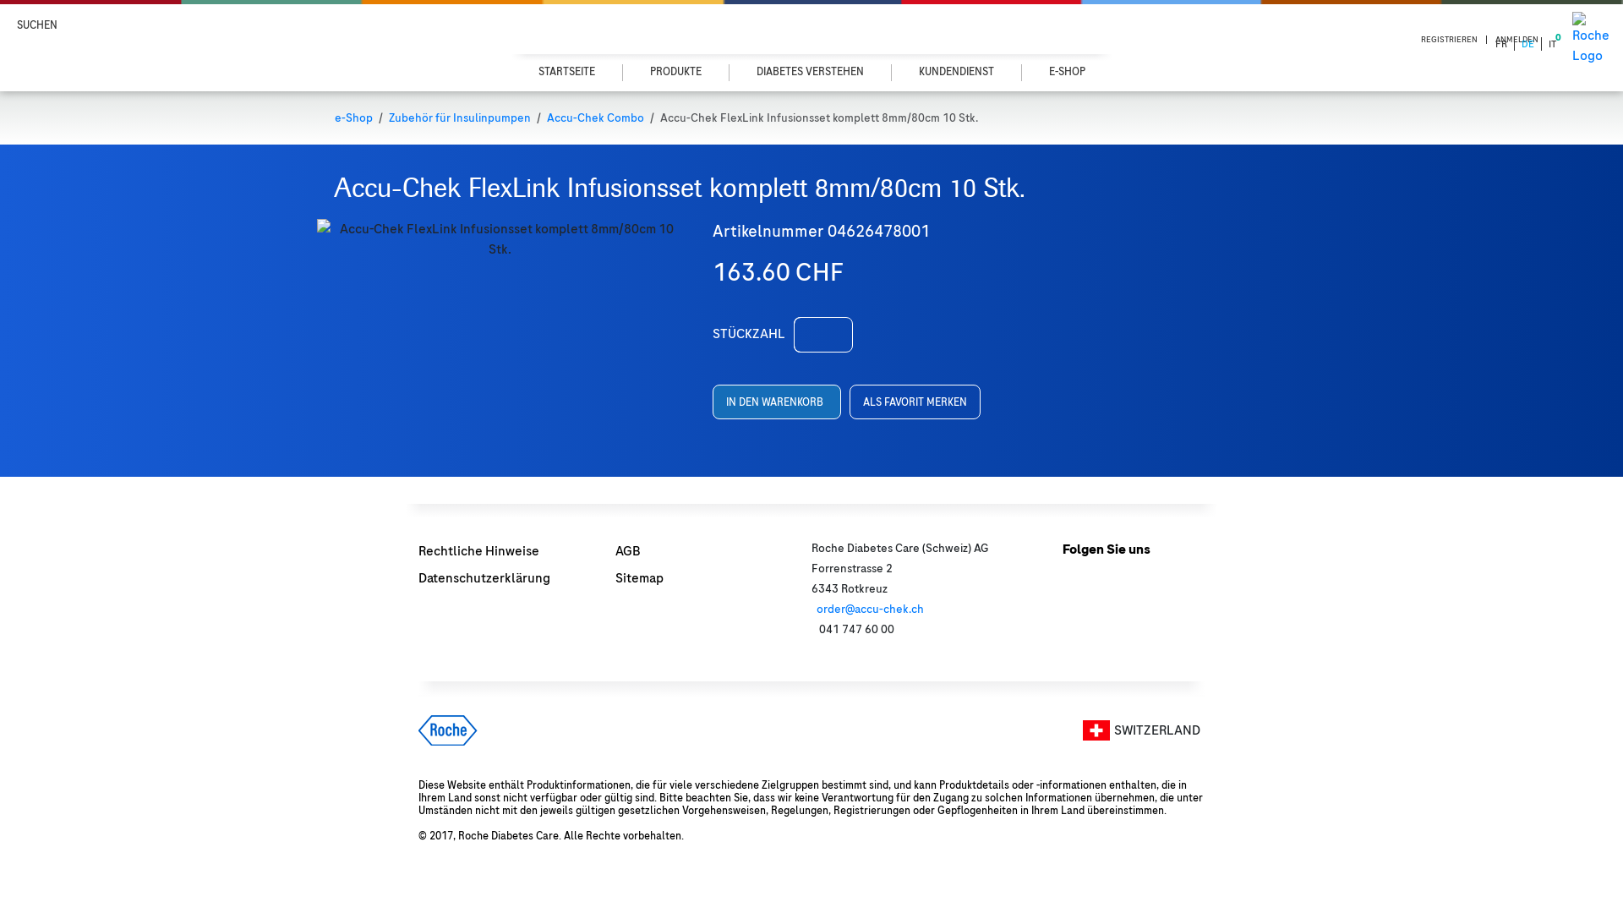 The width and height of the screenshot is (1623, 913). I want to click on 'Rechtliche Hinweise', so click(478, 550).